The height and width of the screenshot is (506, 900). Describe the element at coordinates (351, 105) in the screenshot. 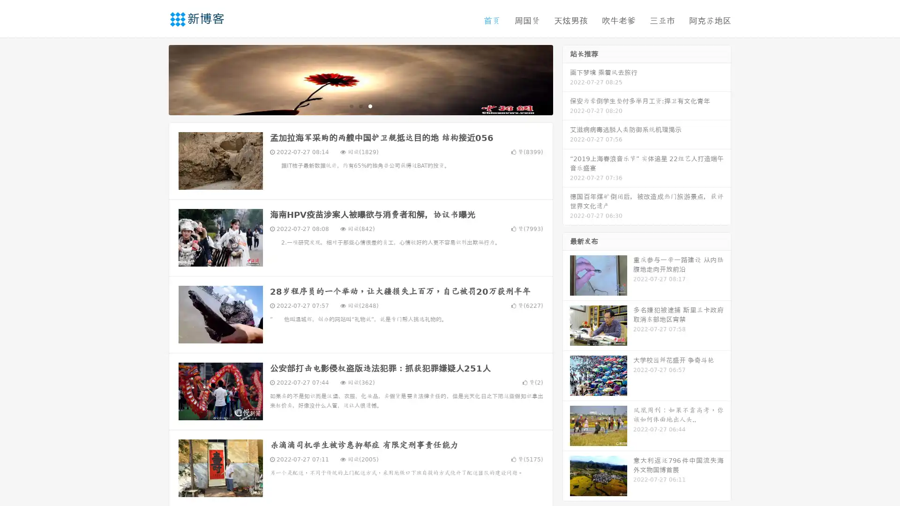

I see `Go to slide 1` at that location.